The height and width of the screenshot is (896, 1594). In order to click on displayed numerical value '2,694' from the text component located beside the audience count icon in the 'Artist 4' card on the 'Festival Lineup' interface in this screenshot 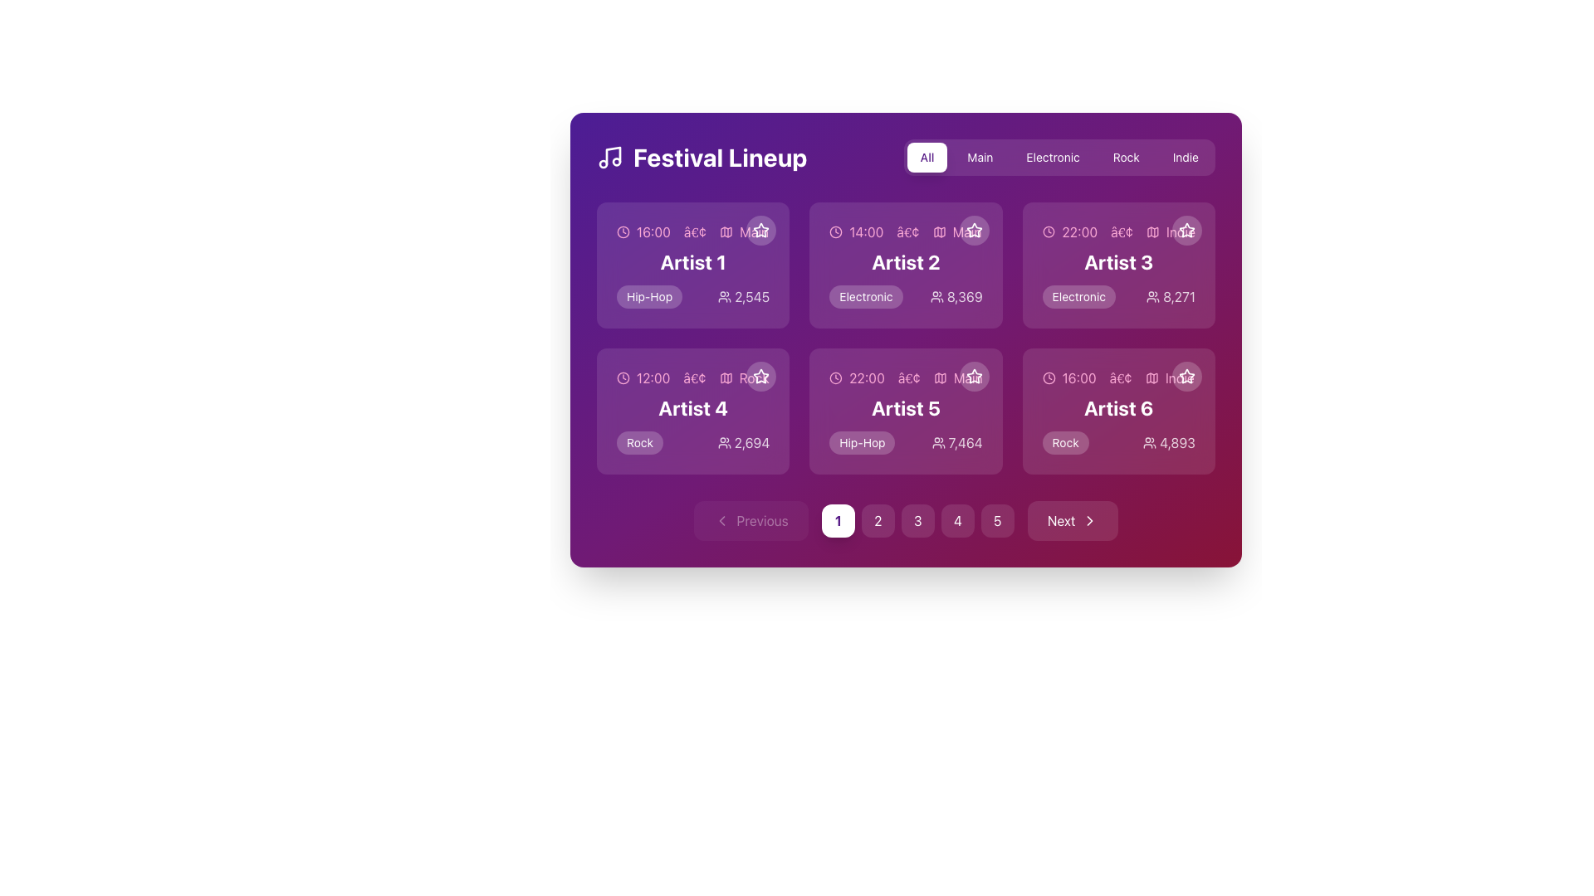, I will do `click(743, 441)`.